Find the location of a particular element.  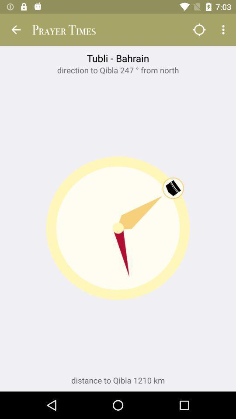

the app to the right of prayer times item is located at coordinates (199, 30).